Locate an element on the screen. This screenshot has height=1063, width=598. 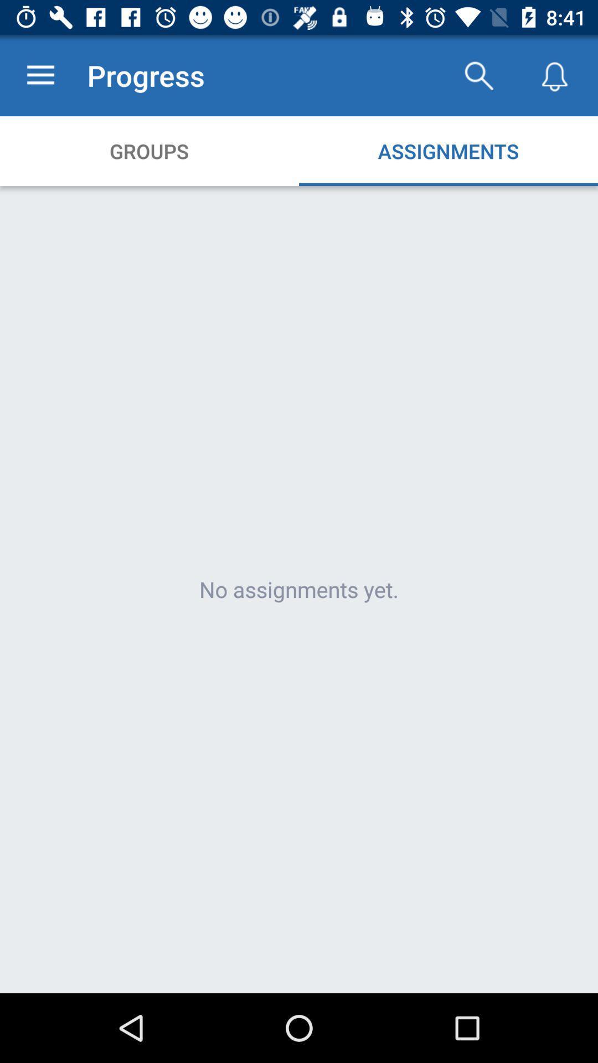
the icon above the no assignments yet. icon is located at coordinates (40, 75).